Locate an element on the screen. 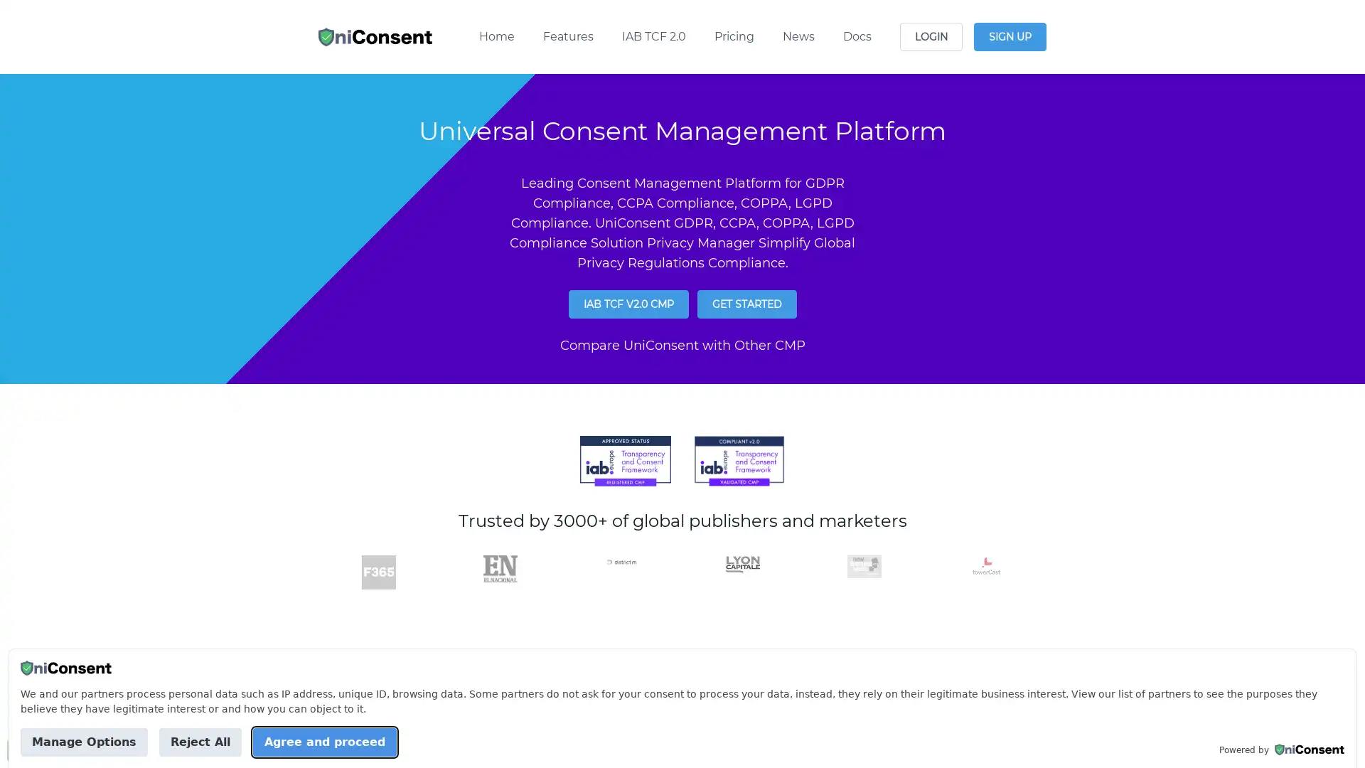 This screenshot has height=768, width=1365. Reject All is located at coordinates (200, 742).